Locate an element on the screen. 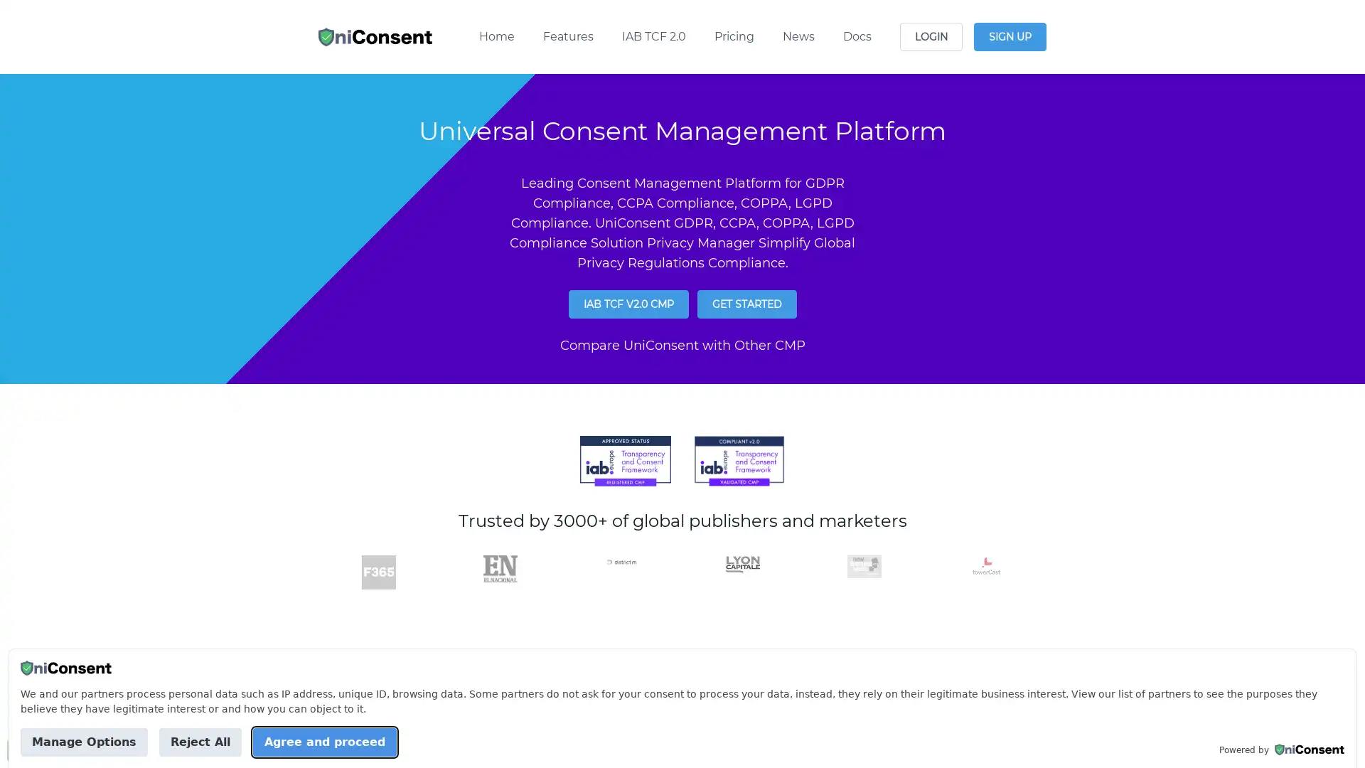 This screenshot has height=768, width=1365. Reject All is located at coordinates (200, 742).